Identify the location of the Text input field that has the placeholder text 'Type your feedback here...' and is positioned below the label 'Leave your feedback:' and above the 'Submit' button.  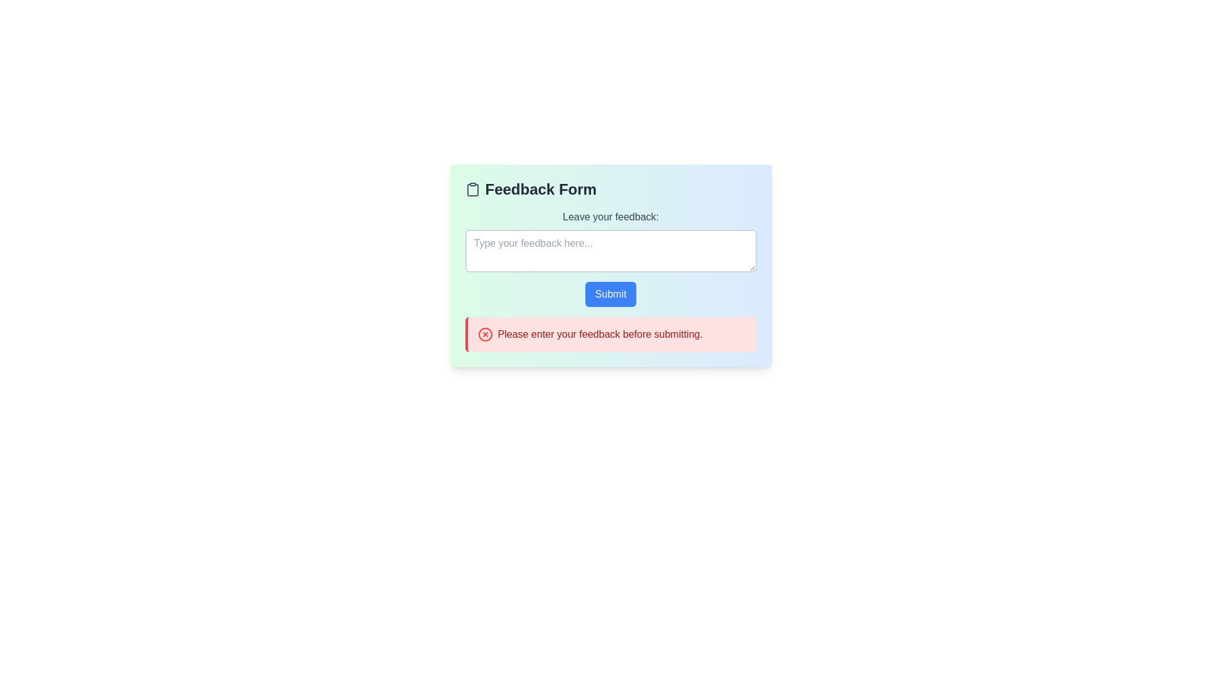
(611, 265).